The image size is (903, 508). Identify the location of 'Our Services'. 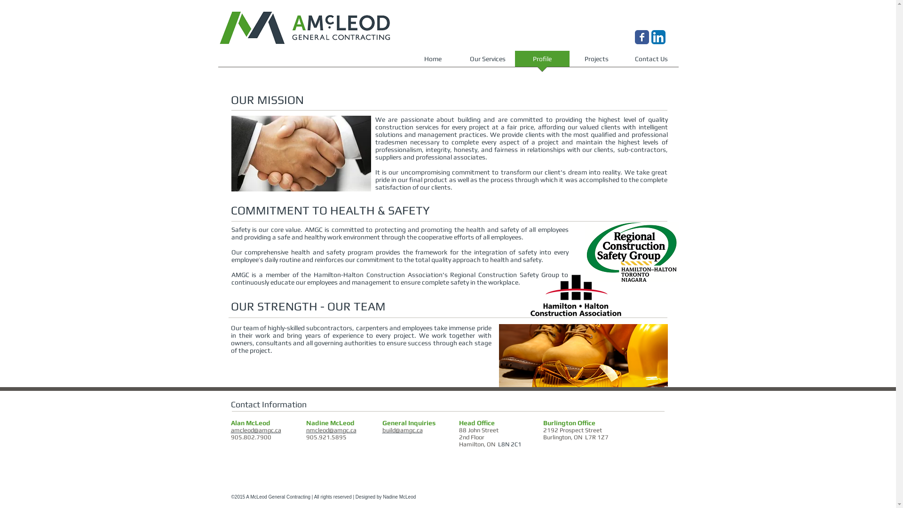
(487, 62).